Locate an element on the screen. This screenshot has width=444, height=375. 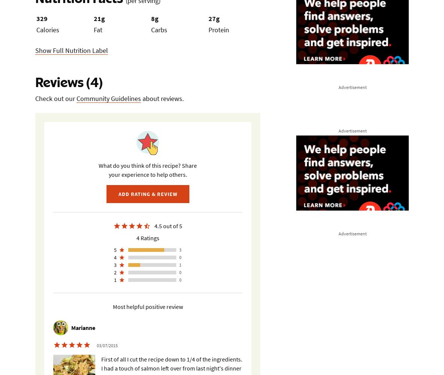
'Fat' is located at coordinates (93, 29).